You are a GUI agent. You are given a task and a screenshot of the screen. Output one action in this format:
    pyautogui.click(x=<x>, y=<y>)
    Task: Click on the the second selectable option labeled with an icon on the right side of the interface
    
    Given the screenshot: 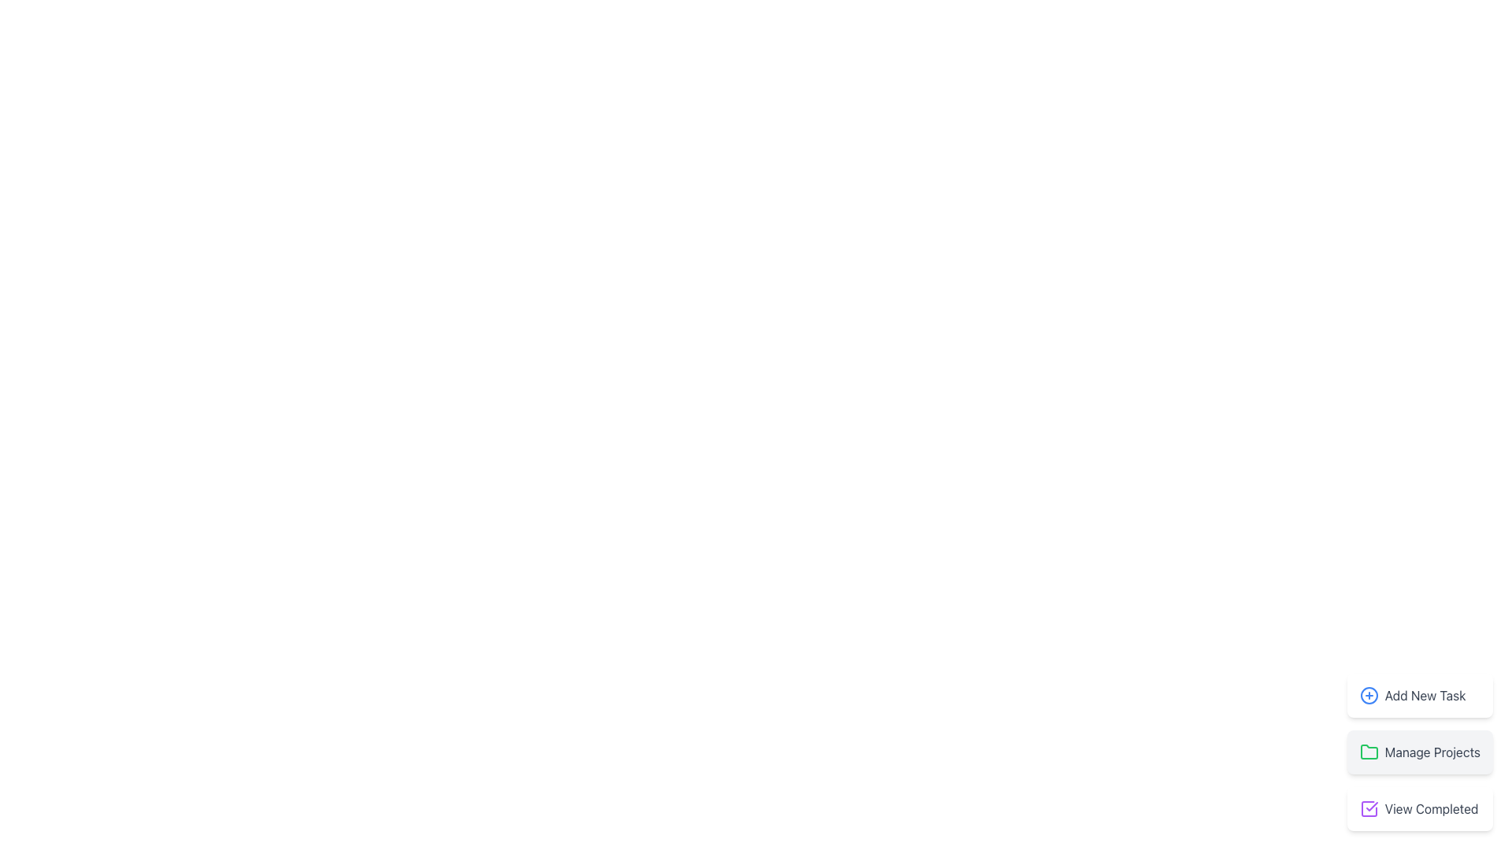 What is the action you would take?
    pyautogui.click(x=1420, y=752)
    